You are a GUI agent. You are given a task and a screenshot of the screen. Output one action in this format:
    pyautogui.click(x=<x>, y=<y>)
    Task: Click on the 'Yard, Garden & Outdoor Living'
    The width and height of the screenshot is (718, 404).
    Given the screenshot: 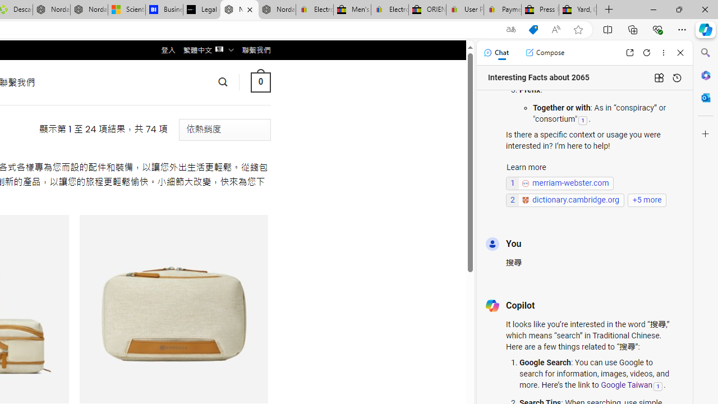 What is the action you would take?
    pyautogui.click(x=578, y=10)
    